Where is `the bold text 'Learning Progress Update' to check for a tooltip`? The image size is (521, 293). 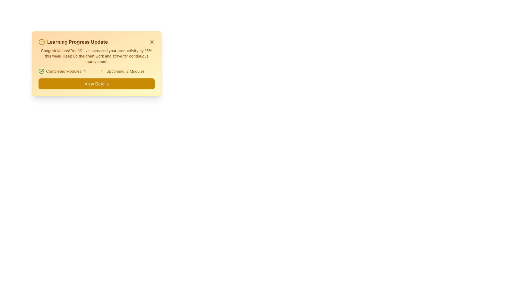 the bold text 'Learning Progress Update' to check for a tooltip is located at coordinates (73, 42).